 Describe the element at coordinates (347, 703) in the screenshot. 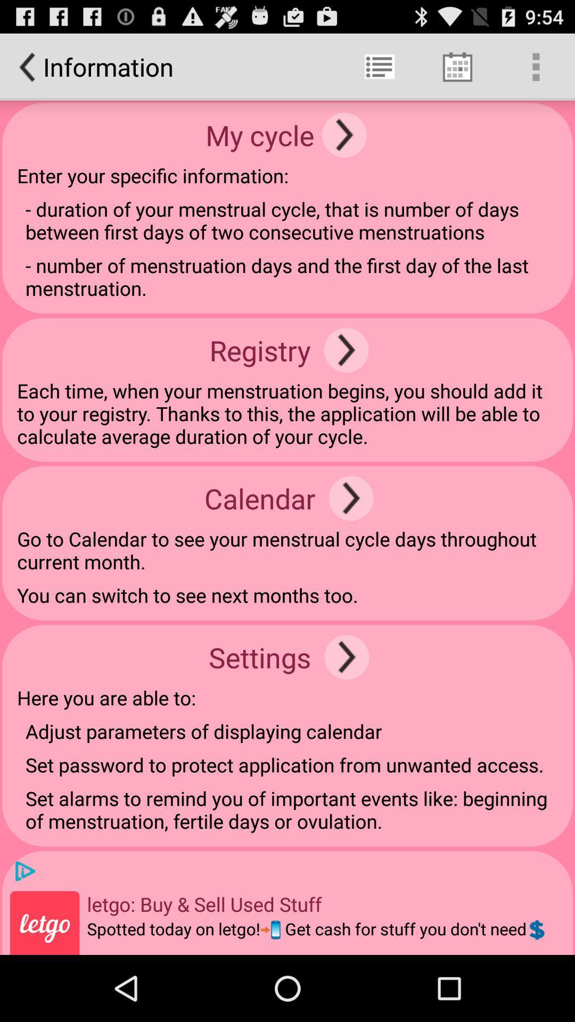

I see `the arrow_forward icon` at that location.